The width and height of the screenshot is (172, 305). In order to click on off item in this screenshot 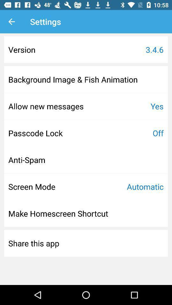, I will do `click(158, 132)`.